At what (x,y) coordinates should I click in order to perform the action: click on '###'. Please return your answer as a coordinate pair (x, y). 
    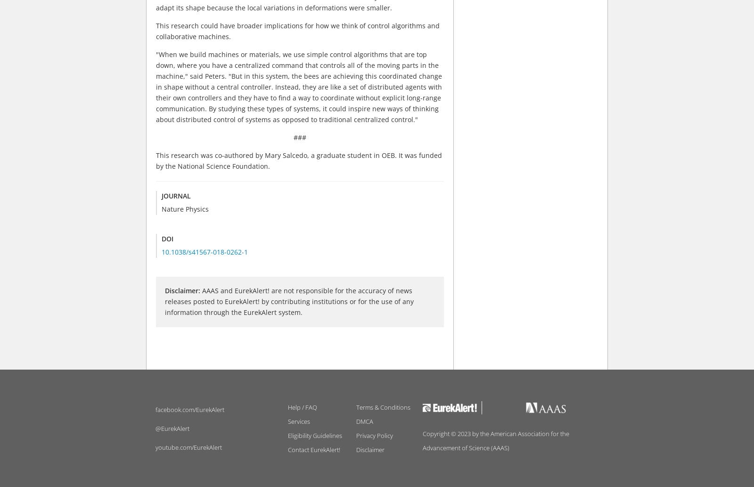
    Looking at the image, I should click on (294, 137).